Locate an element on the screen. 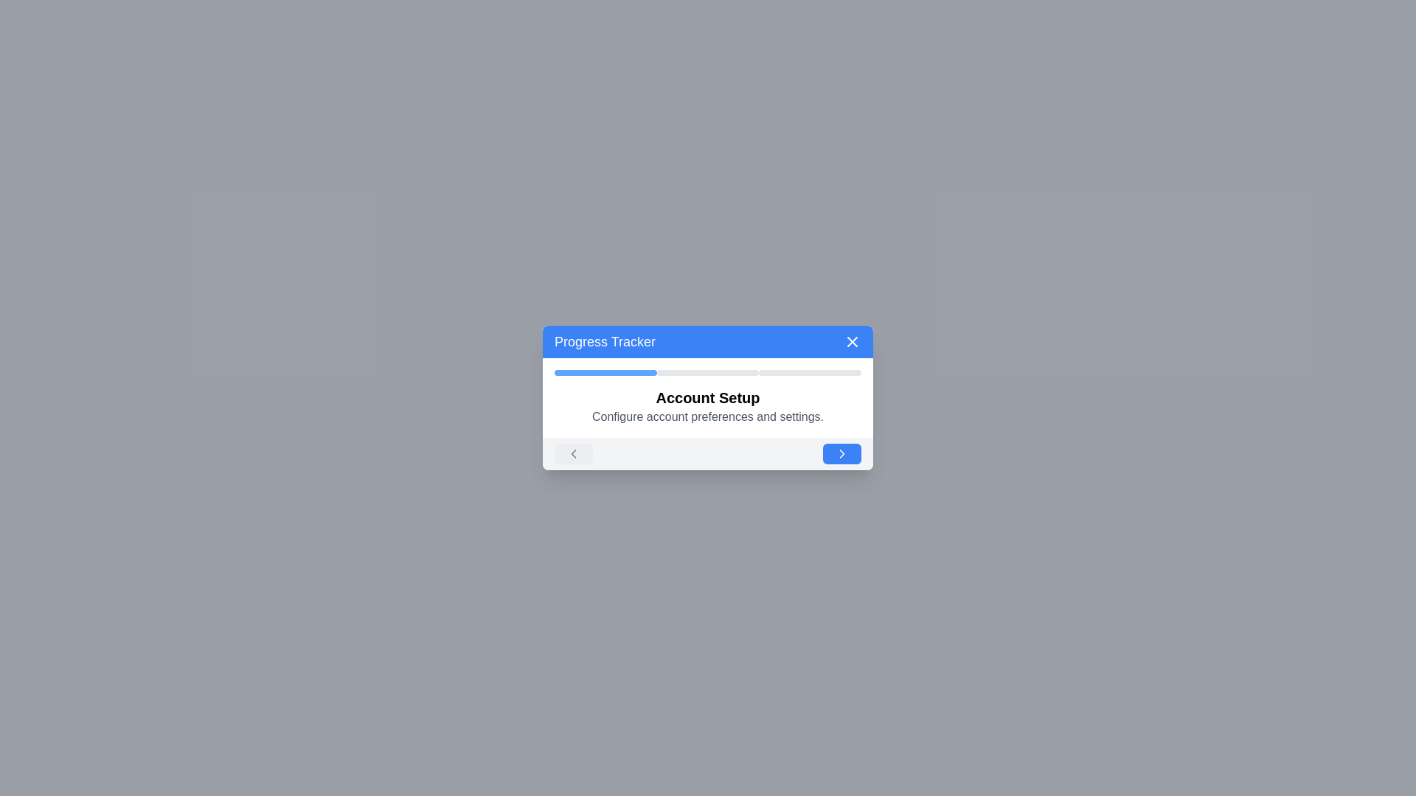 The height and width of the screenshot is (796, 1416). the horizontal progress bar located at the top of the 'Progress Tracker' modal dialog, which is filled with blue color on the left segment and gray on the right segments is located at coordinates (708, 371).